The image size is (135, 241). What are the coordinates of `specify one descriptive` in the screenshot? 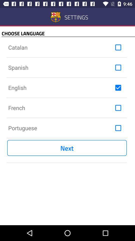 It's located at (118, 88).